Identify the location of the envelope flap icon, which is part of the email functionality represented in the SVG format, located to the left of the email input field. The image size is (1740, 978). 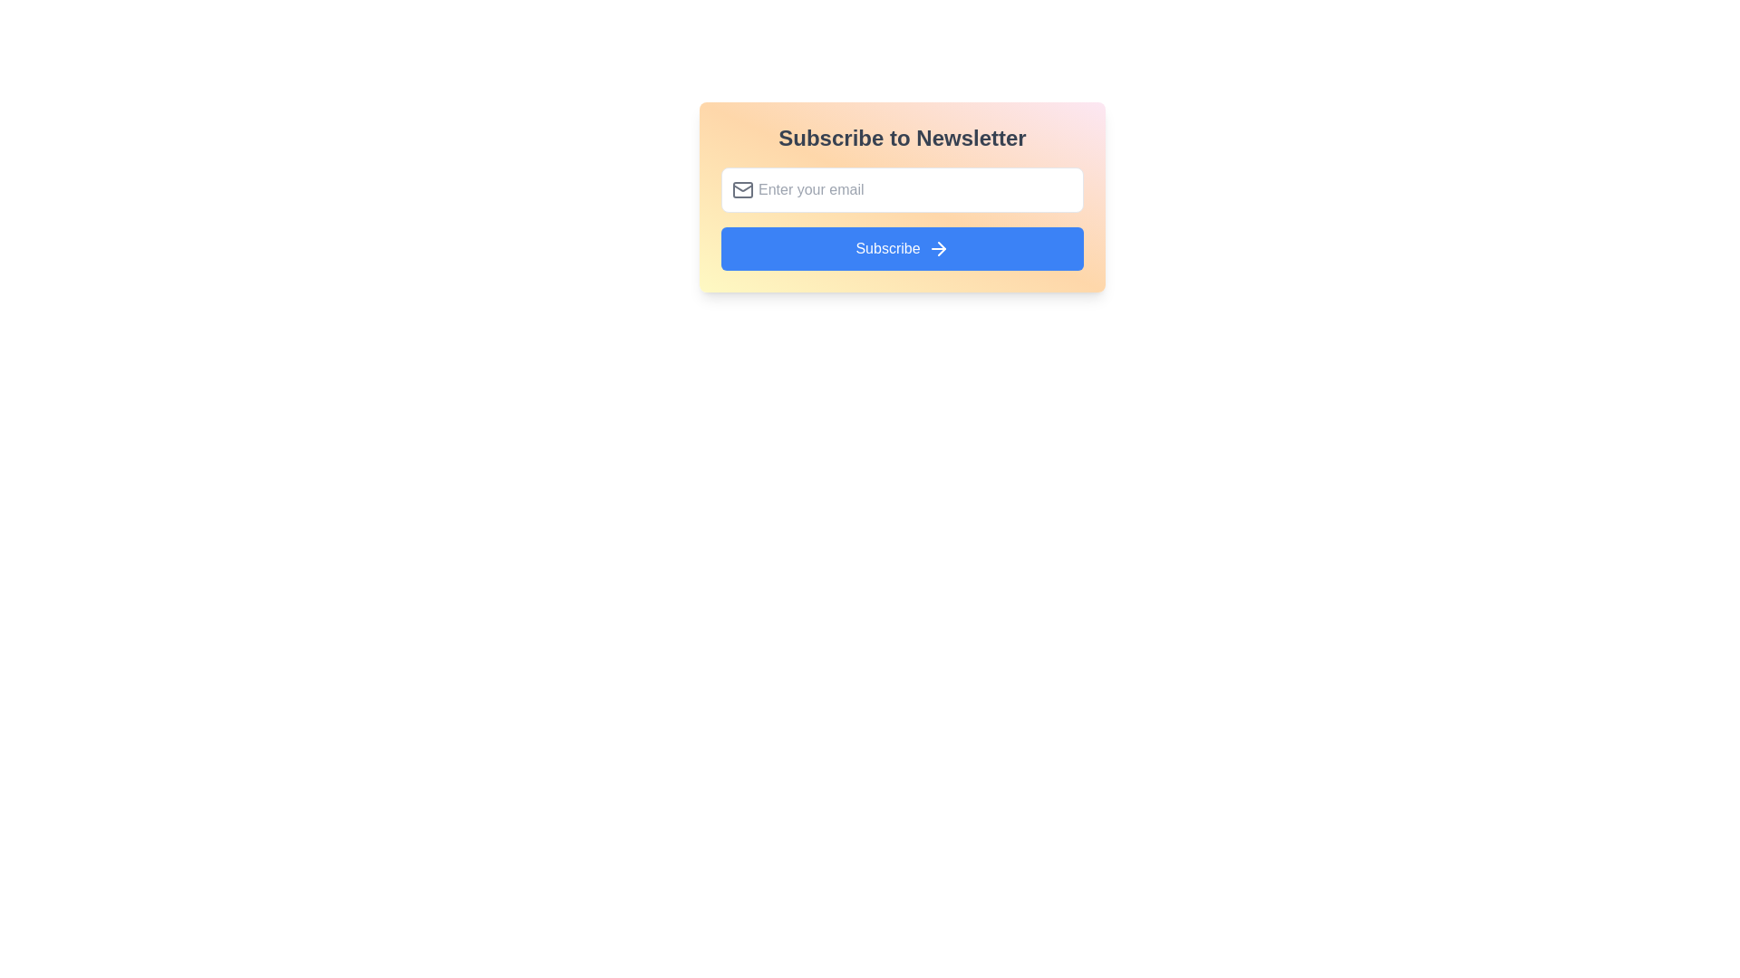
(743, 187).